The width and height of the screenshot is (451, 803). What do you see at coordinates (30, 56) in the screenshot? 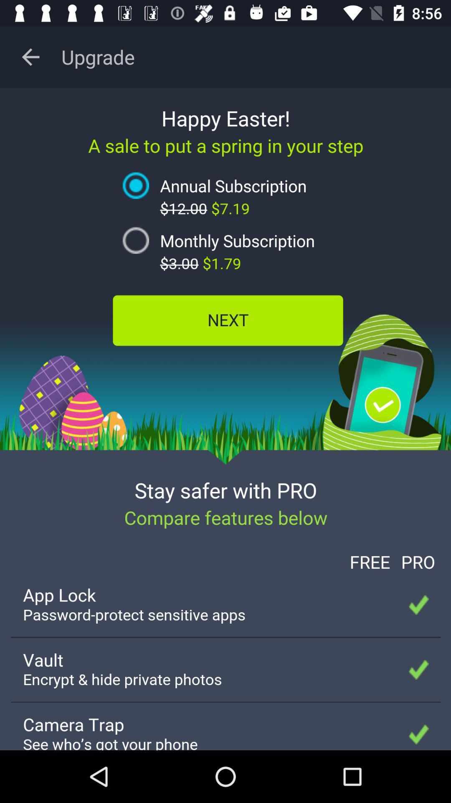
I see `go the previous page` at bounding box center [30, 56].